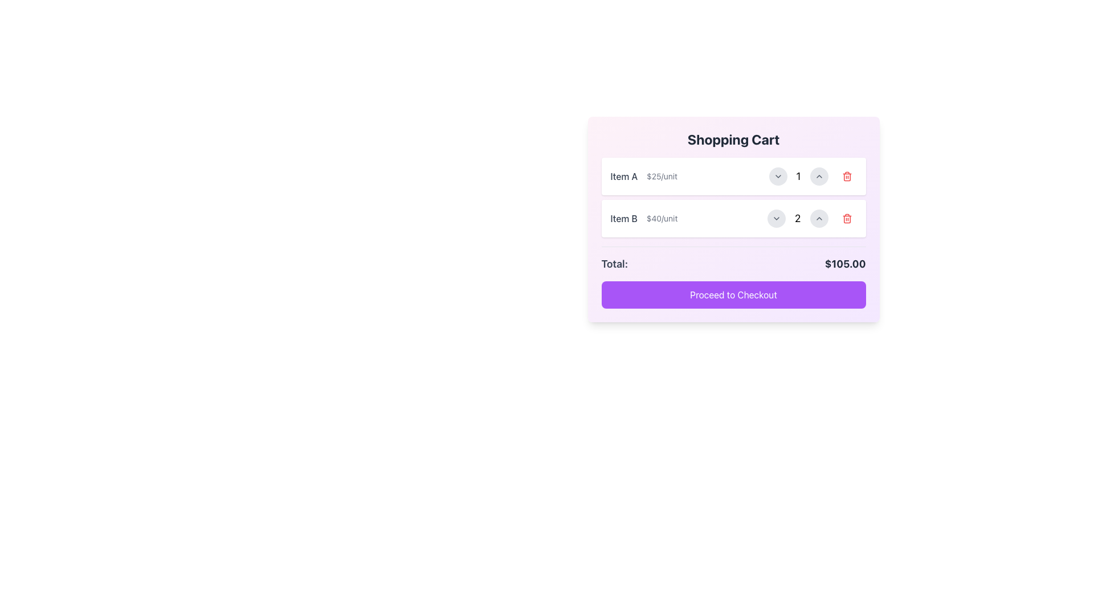 The height and width of the screenshot is (615, 1094). What do you see at coordinates (845, 264) in the screenshot?
I see `text label displaying the amount '$105.00', which is located at the bottom-right corner of the shopping cart section, next to the 'Total:' label` at bounding box center [845, 264].